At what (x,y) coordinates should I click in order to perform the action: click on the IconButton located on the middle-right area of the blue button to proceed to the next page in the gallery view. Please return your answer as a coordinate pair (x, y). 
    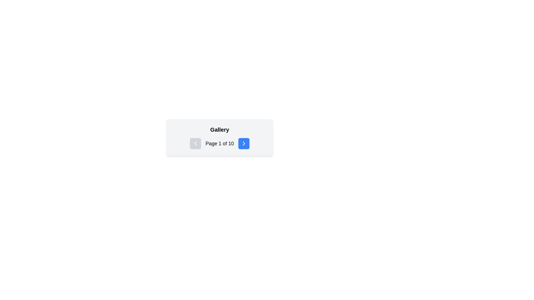
    Looking at the image, I should click on (244, 143).